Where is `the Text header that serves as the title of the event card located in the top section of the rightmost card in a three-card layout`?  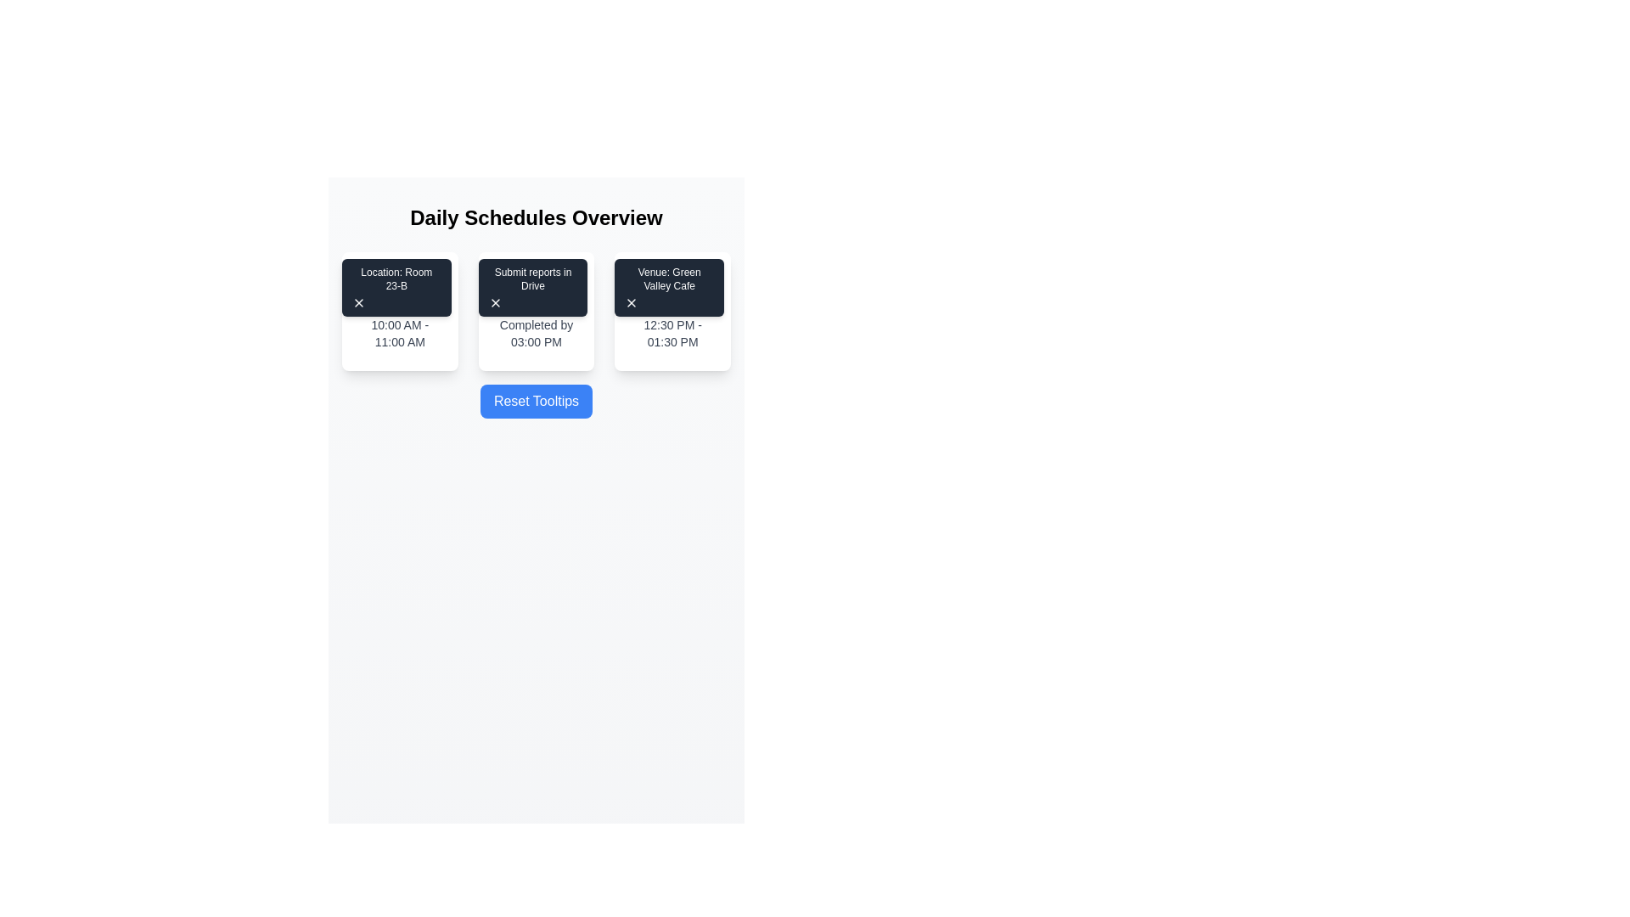 the Text header that serves as the title of the event card located in the top section of the rightmost card in a three-card layout is located at coordinates (672, 291).